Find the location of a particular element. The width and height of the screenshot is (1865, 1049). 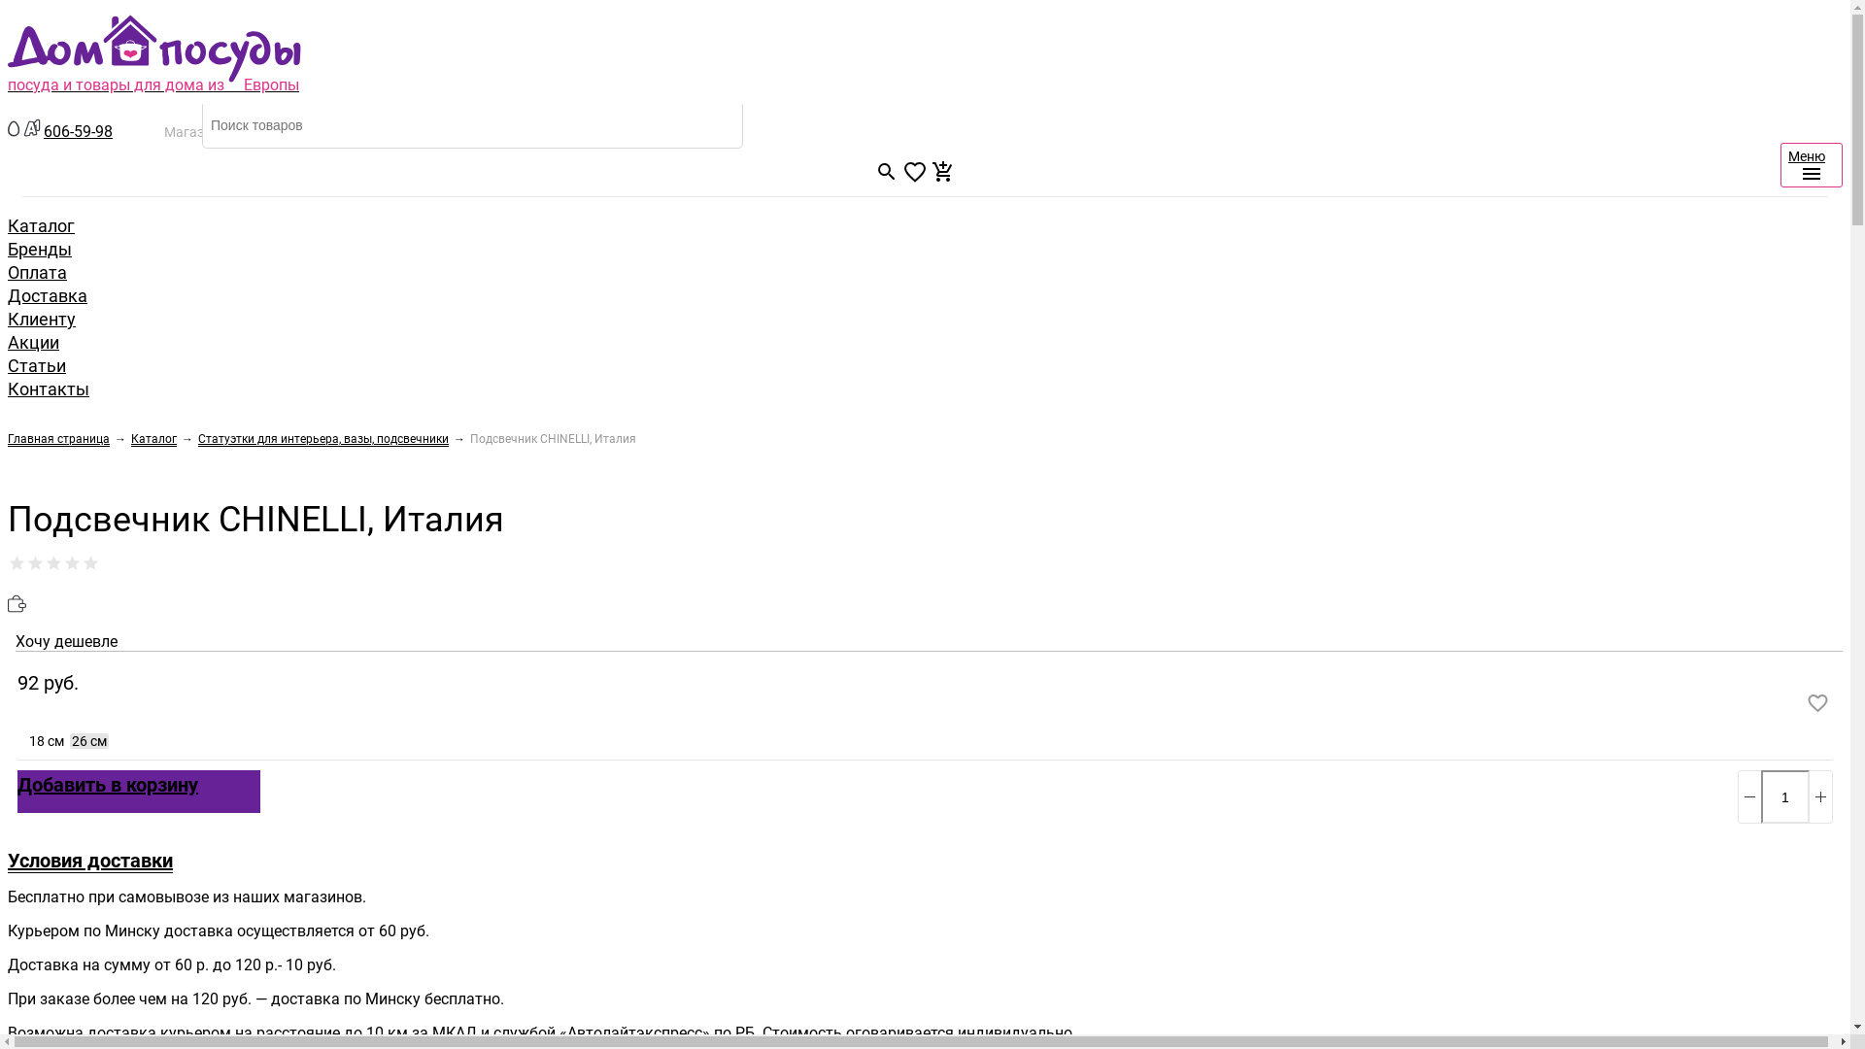

'606-59-98' is located at coordinates (78, 131).